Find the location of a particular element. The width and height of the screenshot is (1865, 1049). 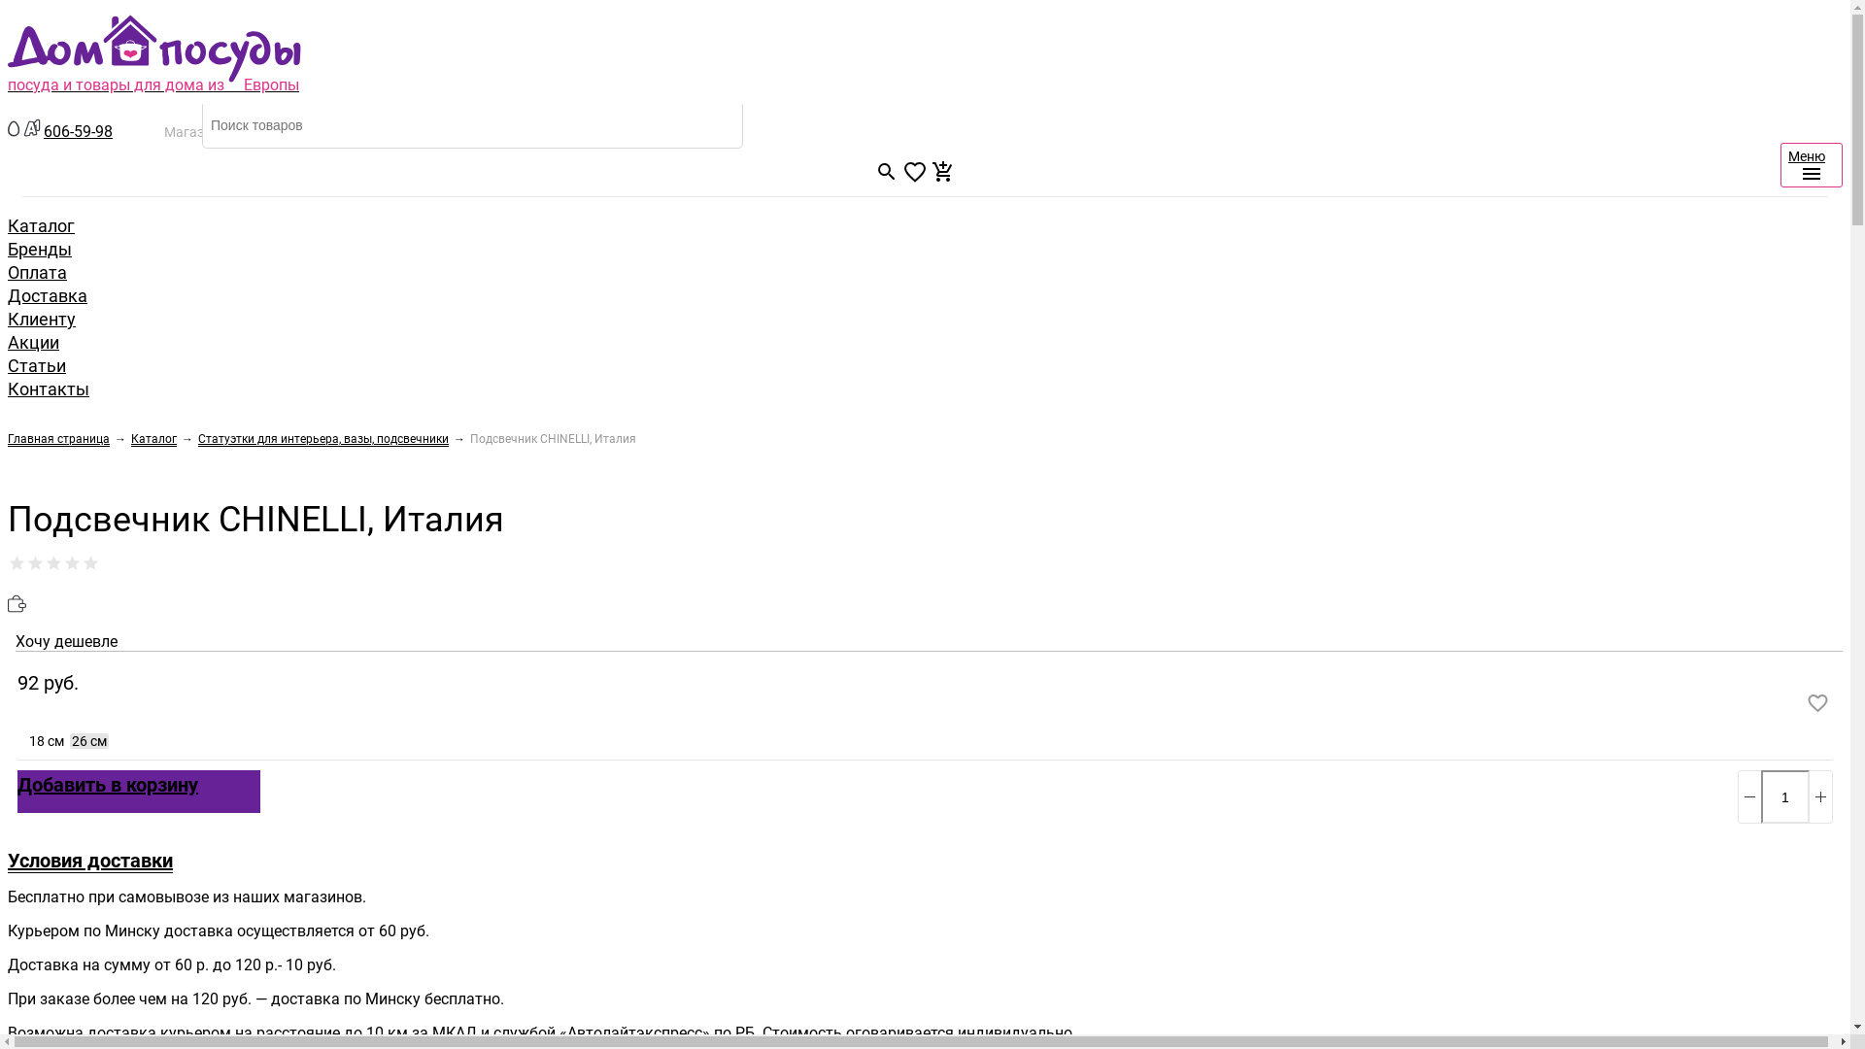

'606-59-98' is located at coordinates (78, 131).